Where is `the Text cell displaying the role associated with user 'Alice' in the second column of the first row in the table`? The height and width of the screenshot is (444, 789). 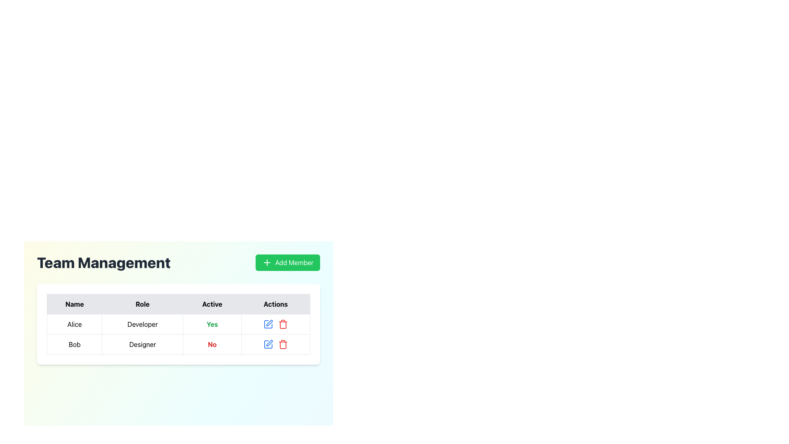
the Text cell displaying the role associated with user 'Alice' in the second column of the first row in the table is located at coordinates (143, 324).